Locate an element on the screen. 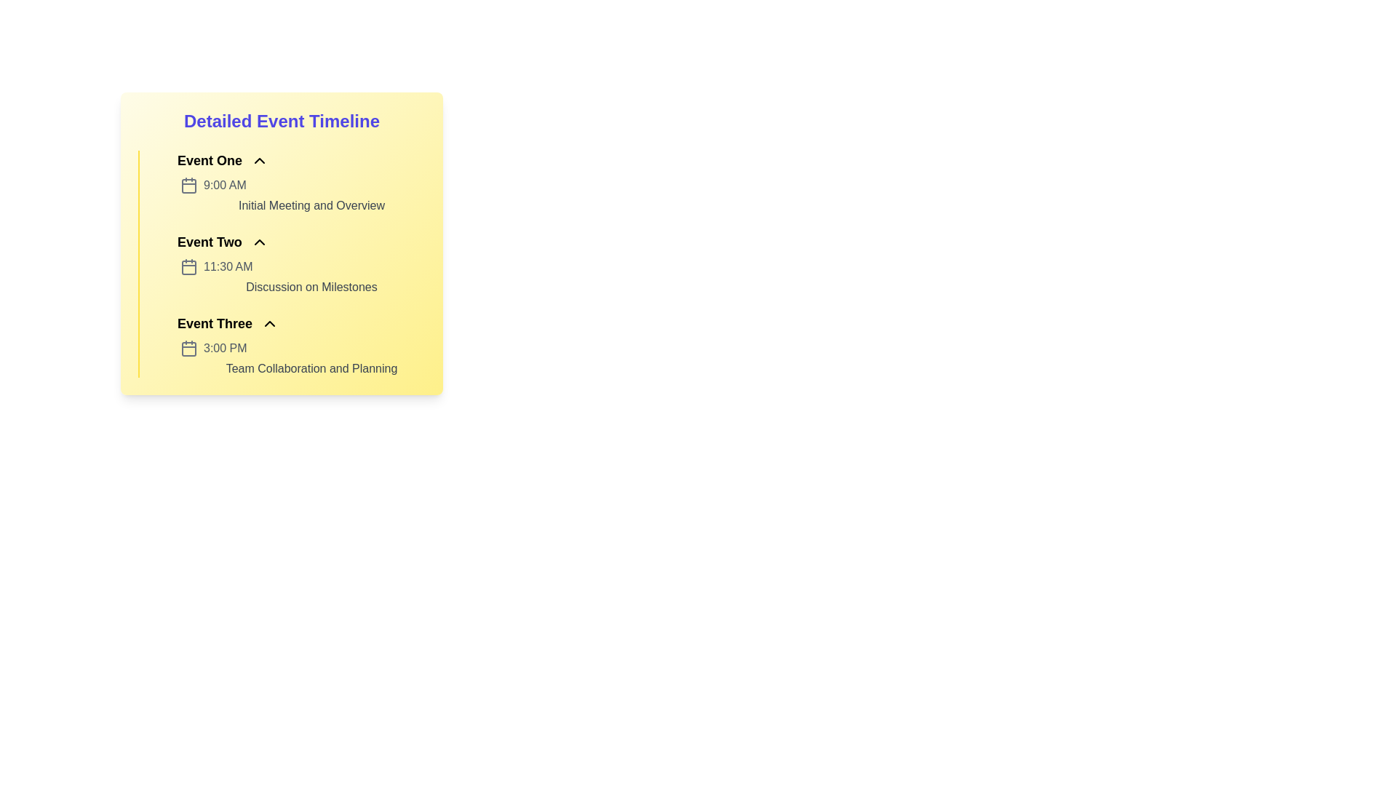 The image size is (1397, 786). the informational display element for 'Event One', which is the first event listed in the timeline interface, to interact with its features is located at coordinates (291, 181).